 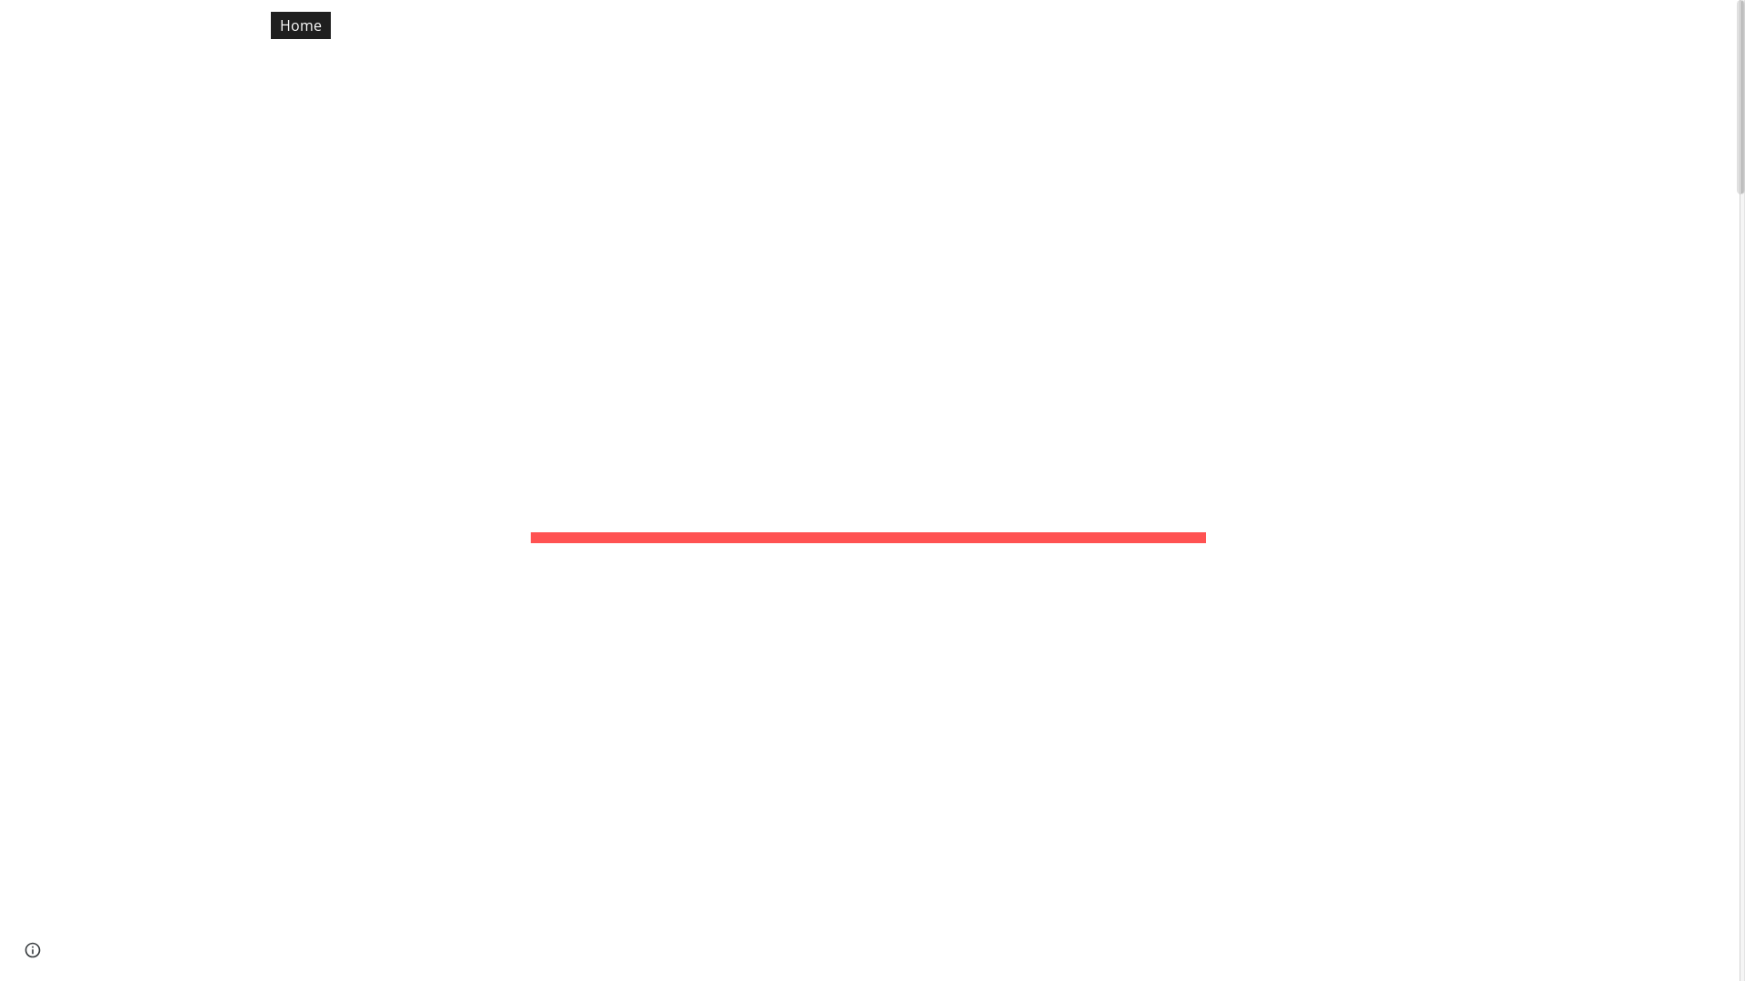 What do you see at coordinates (1248, 25) in the screenshot?
I see `'Be a change maker'` at bounding box center [1248, 25].